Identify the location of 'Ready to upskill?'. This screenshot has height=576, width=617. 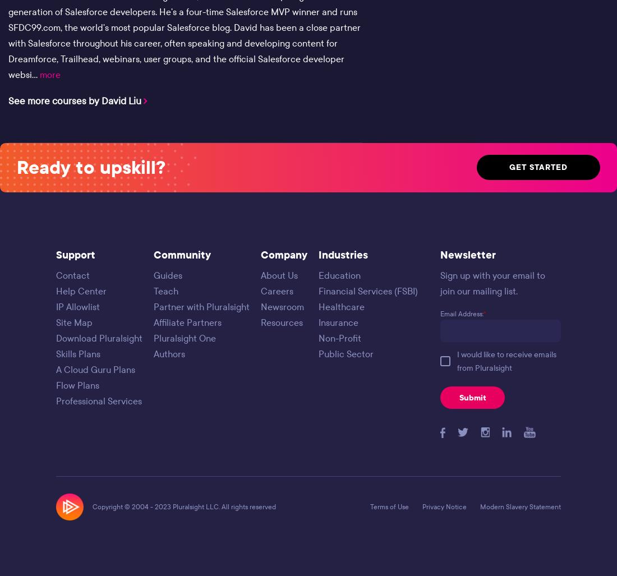
(90, 166).